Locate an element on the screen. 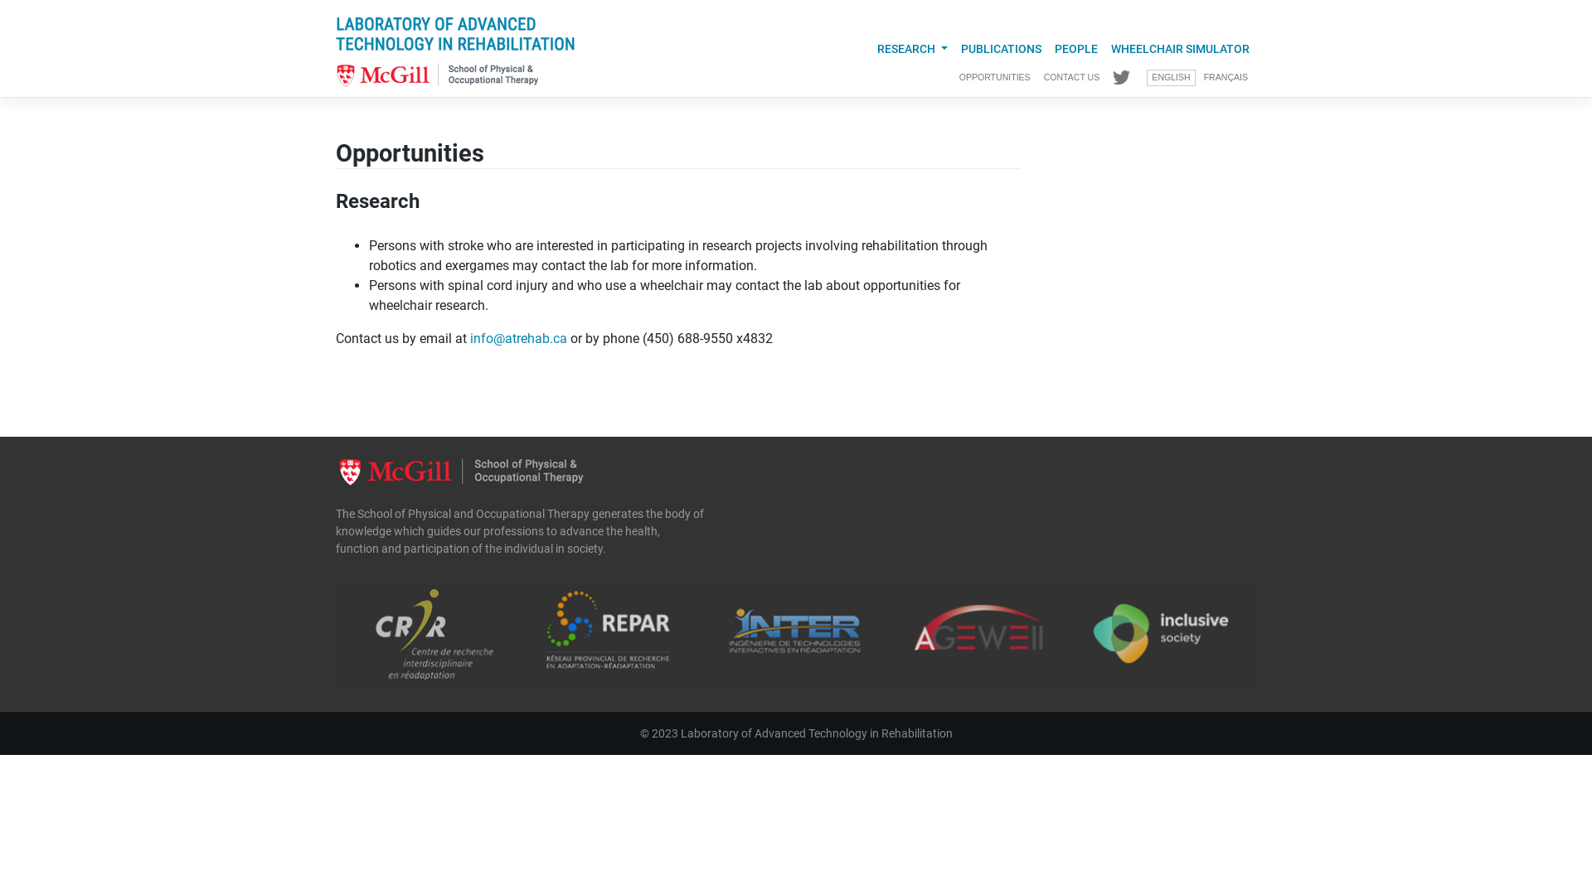  'ENGLISH' is located at coordinates (1169, 77).